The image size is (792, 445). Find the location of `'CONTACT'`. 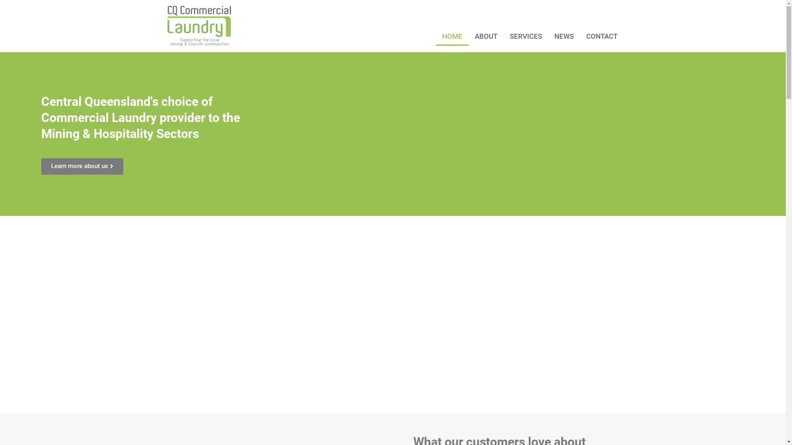

'CONTACT' is located at coordinates (602, 36).